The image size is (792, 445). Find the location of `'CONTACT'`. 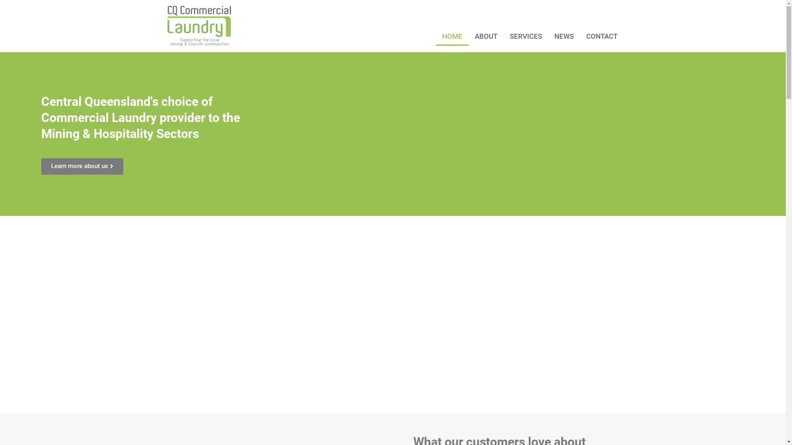

'CONTACT' is located at coordinates (602, 36).